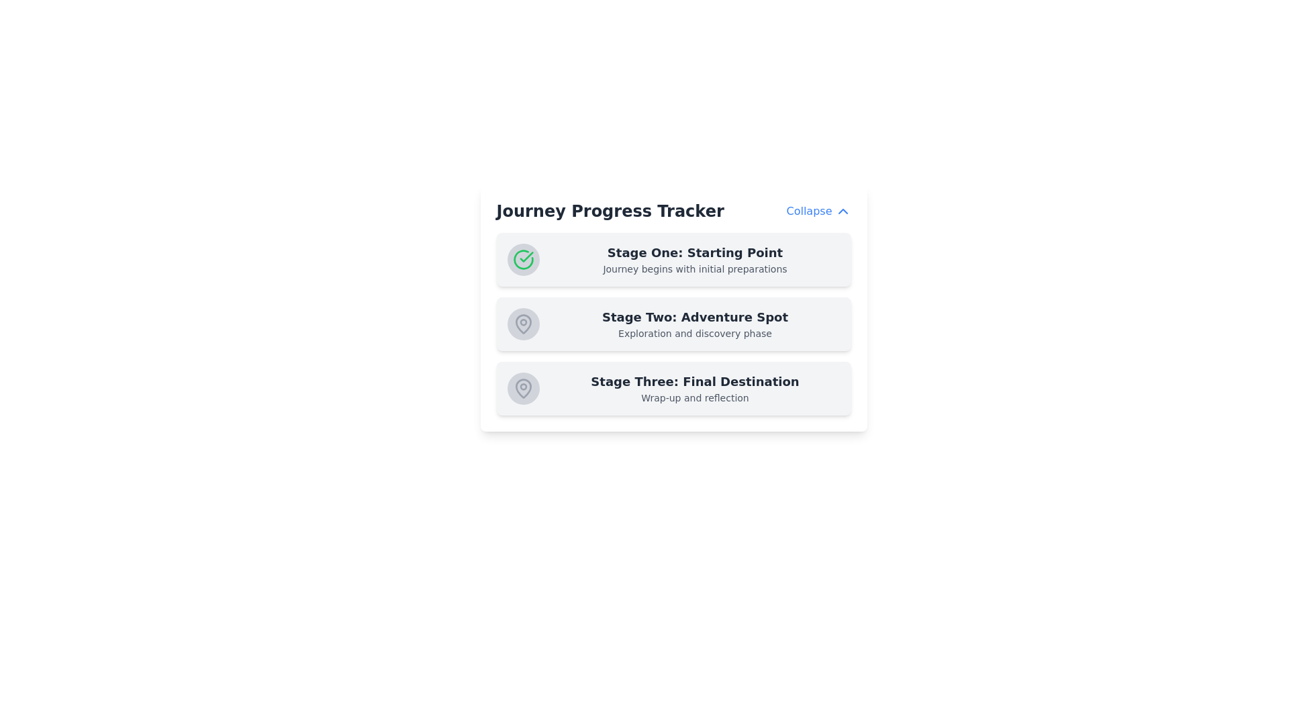  Describe the element at coordinates (695, 388) in the screenshot. I see `the third stage label of the journey progress tracker, located below 'Stage Two: Adventure Spot'` at that location.